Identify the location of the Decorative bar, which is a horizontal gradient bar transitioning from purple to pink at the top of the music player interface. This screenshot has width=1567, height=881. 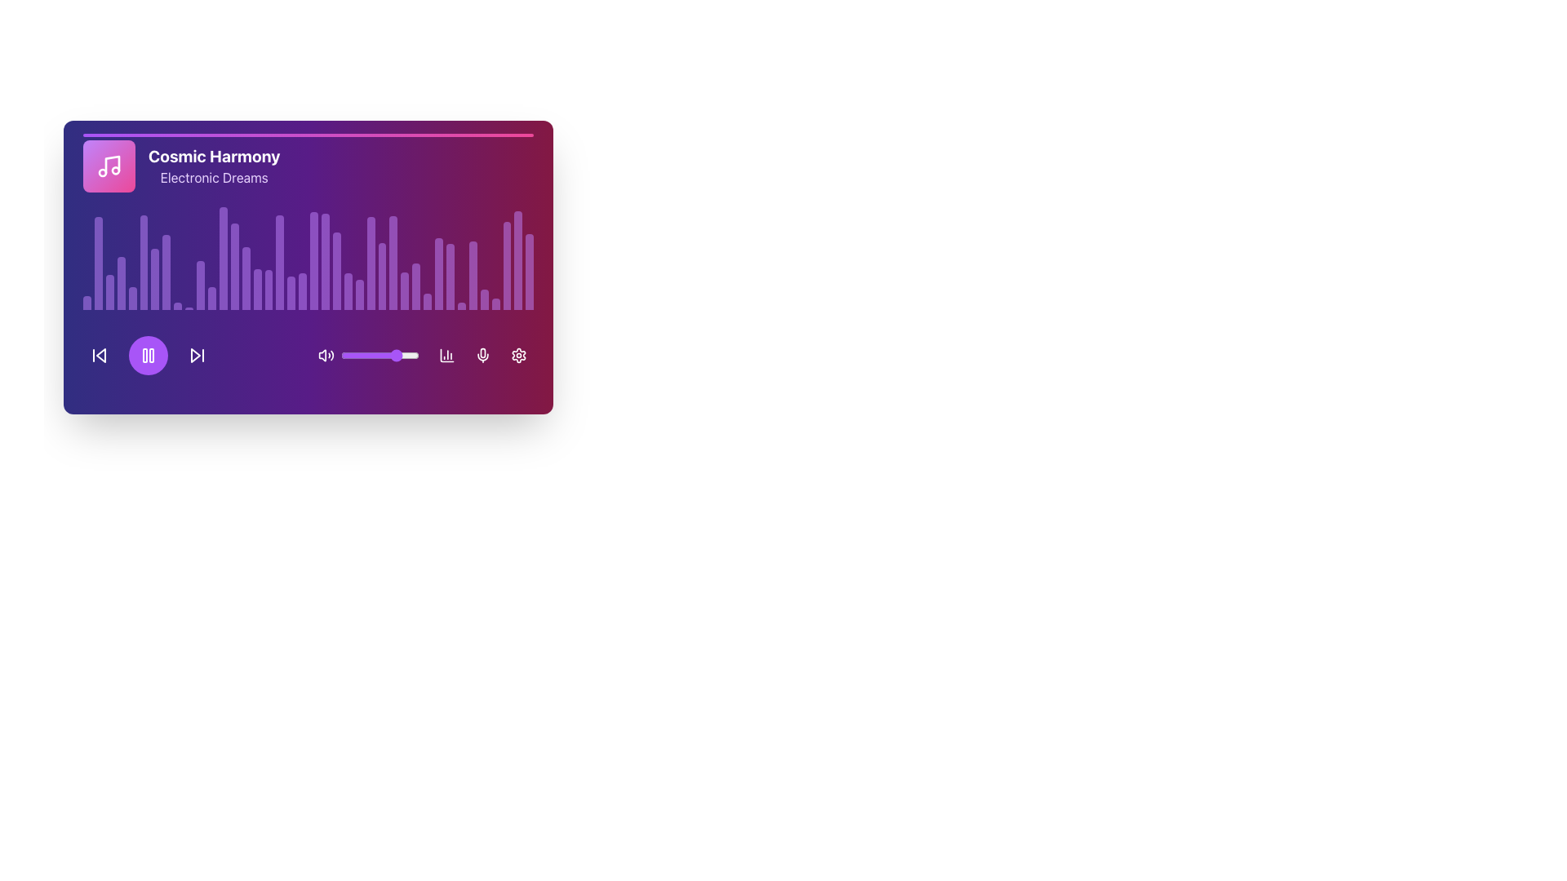
(309, 134).